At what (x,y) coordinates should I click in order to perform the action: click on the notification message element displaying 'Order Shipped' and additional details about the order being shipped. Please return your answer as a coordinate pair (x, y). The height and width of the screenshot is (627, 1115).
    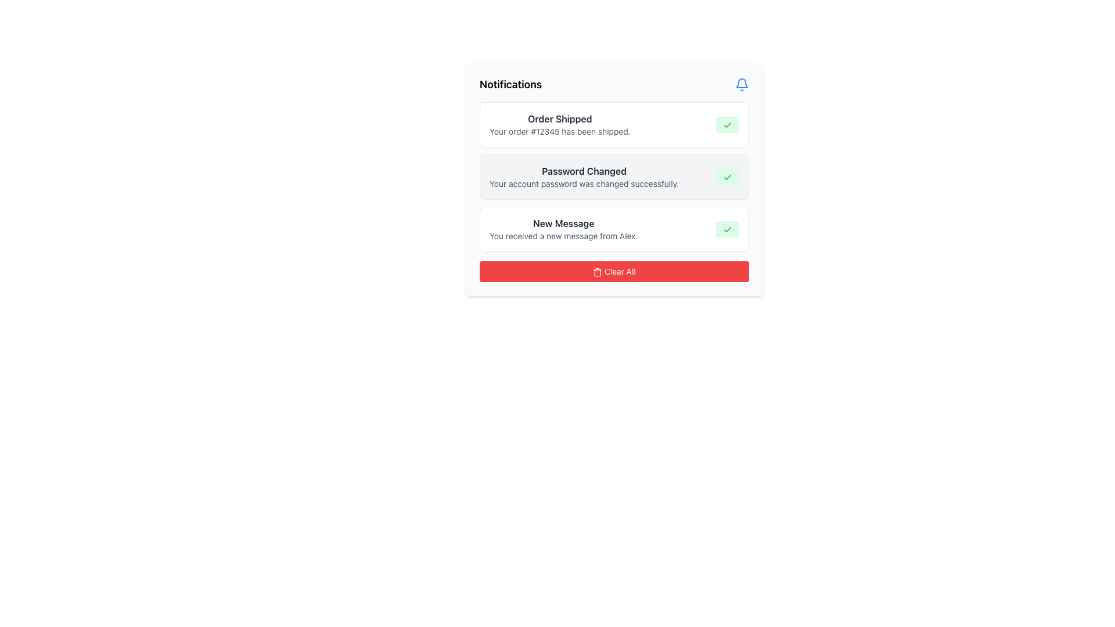
    Looking at the image, I should click on (560, 125).